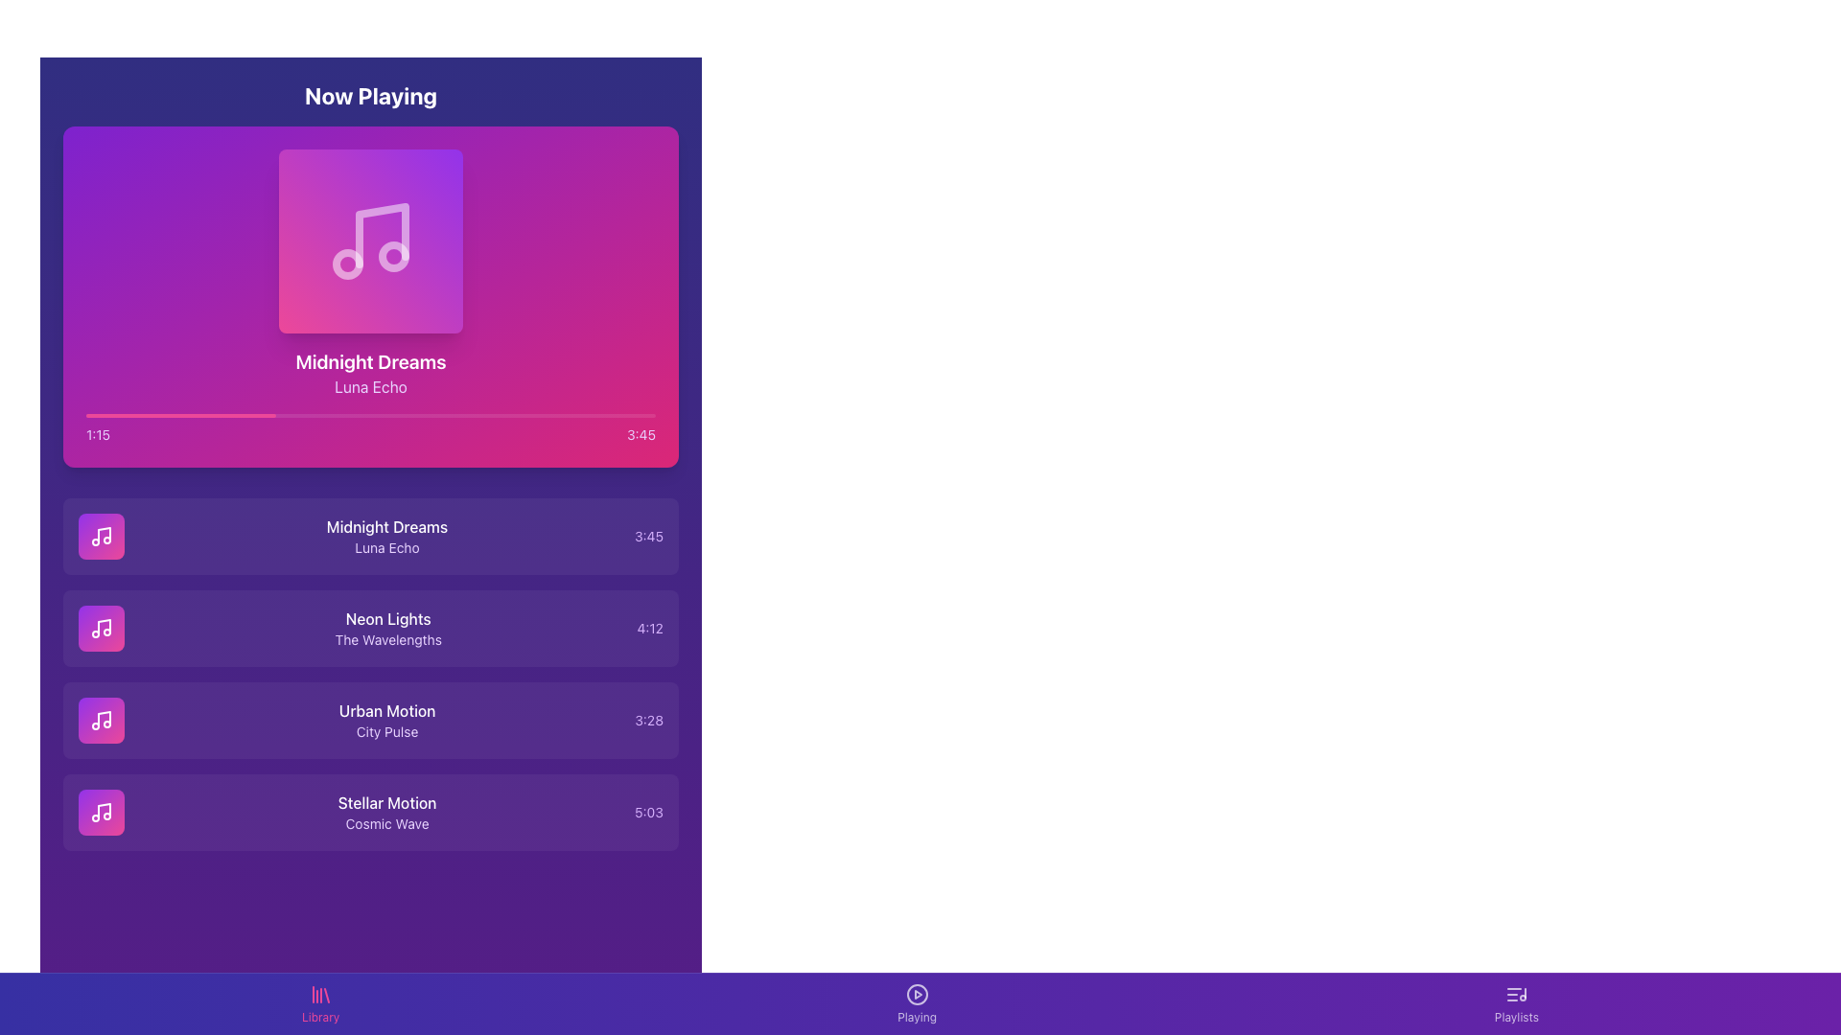 Image resolution: width=1841 pixels, height=1035 pixels. What do you see at coordinates (371, 536) in the screenshot?
I see `the first song entry in the list located below the 'Now Playing' section` at bounding box center [371, 536].